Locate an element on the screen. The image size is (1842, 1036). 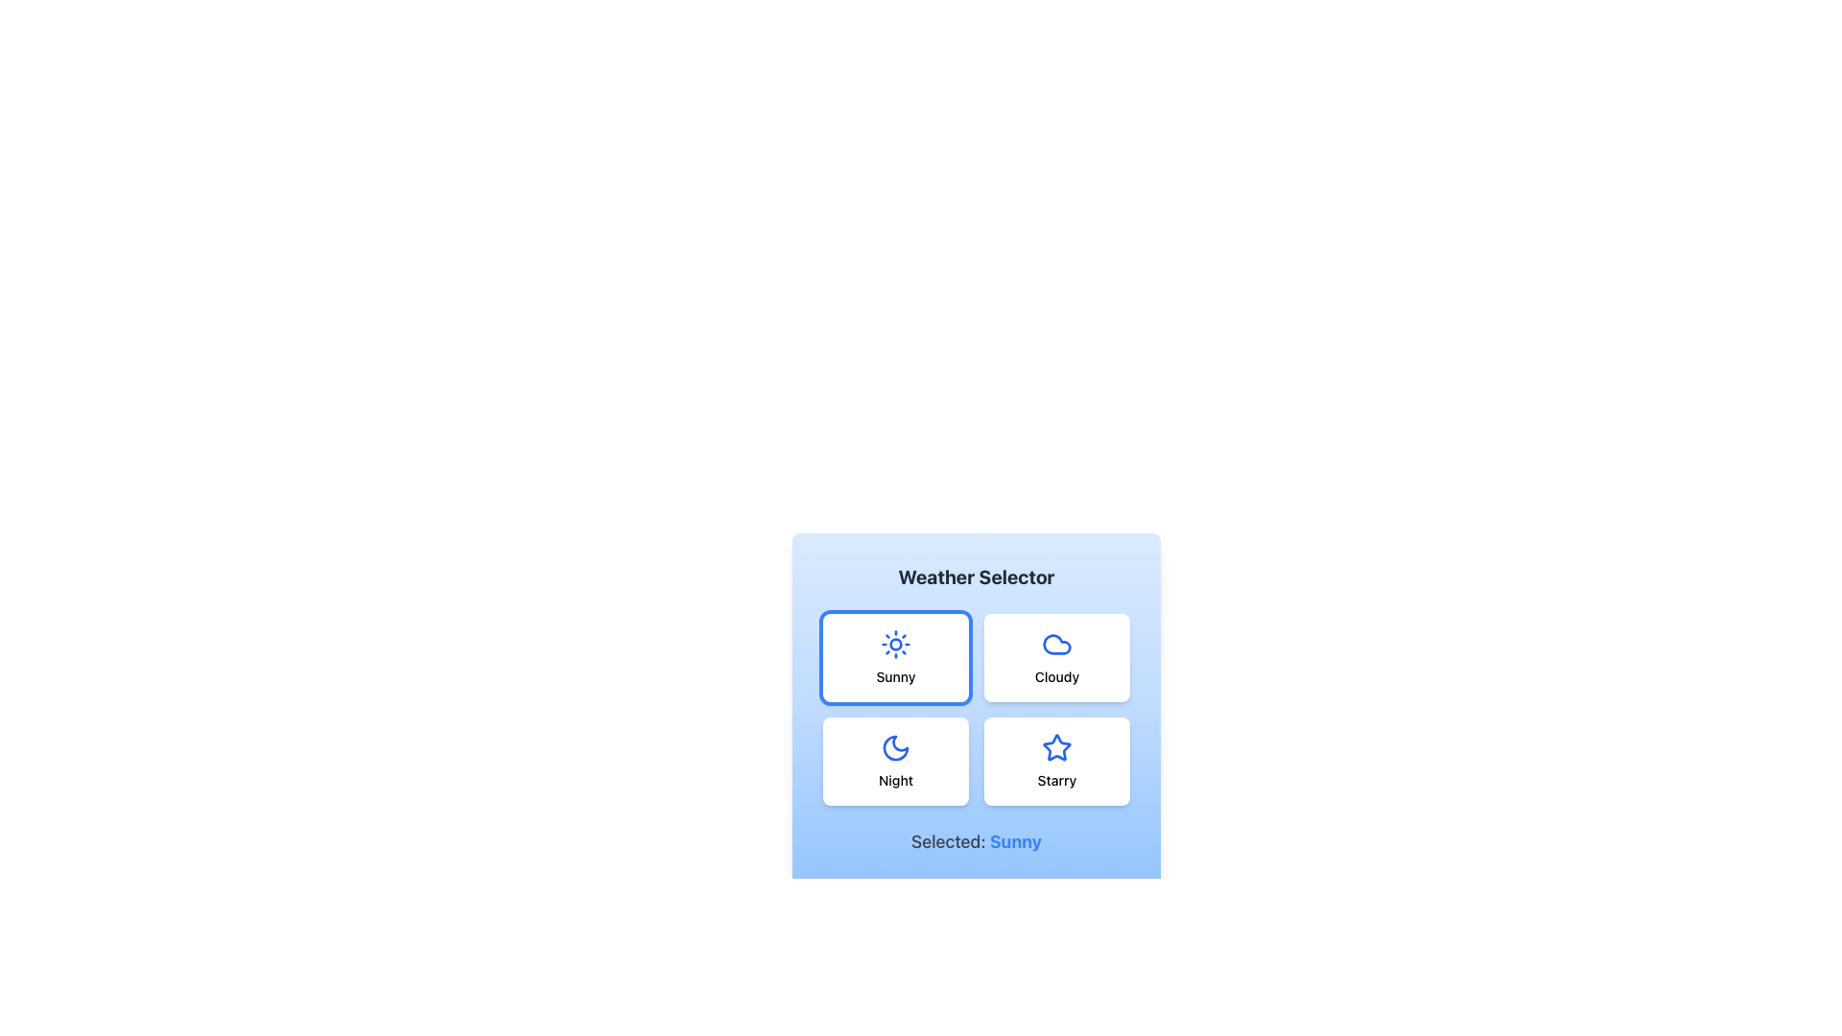
the star icon with a blue outline located at the top-center of the 'Starry' button, which is part of a 2x2 grid layout in the bottom-right corner is located at coordinates (1056, 746).